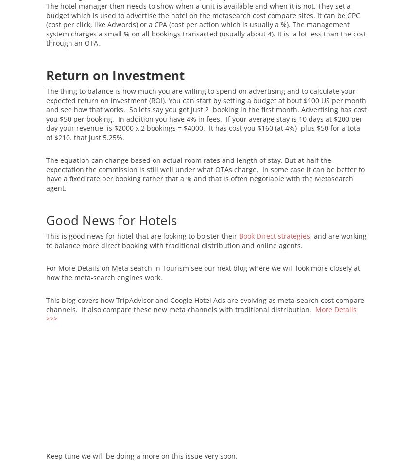 This screenshot has width=413, height=461. What do you see at coordinates (46, 219) in the screenshot?
I see `'Good News for Hotels'` at bounding box center [46, 219].